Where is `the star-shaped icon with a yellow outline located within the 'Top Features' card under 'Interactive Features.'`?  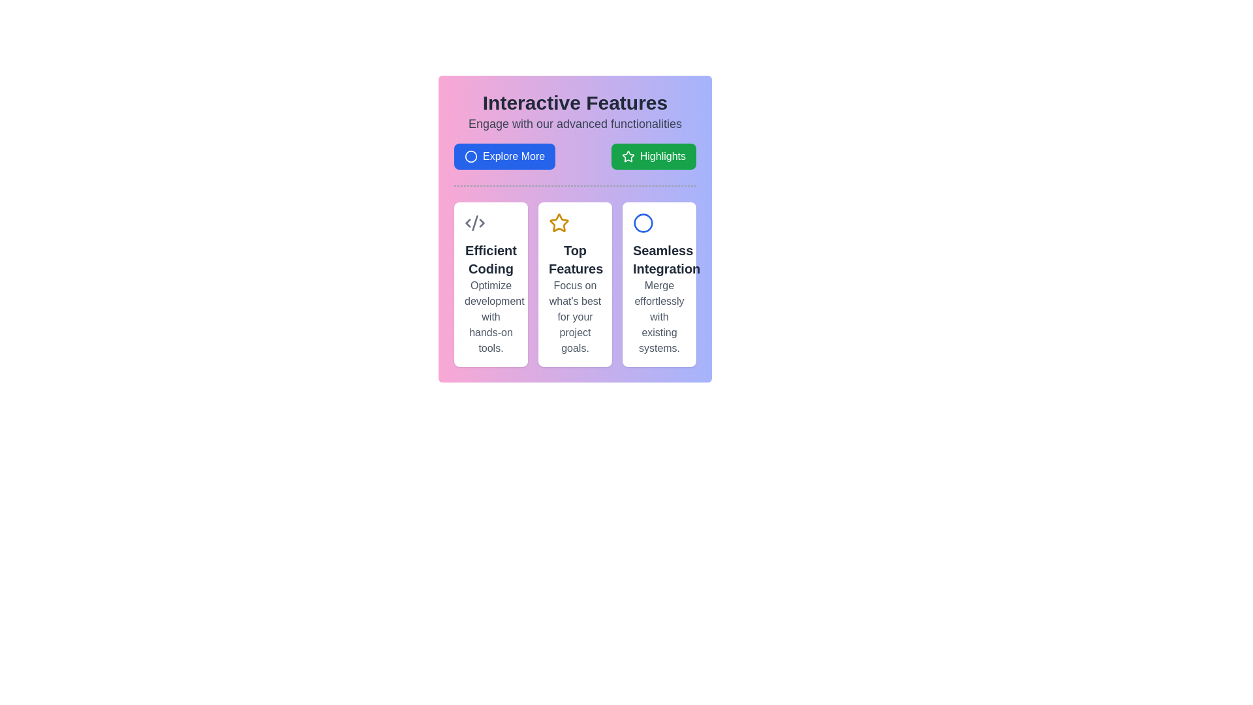 the star-shaped icon with a yellow outline located within the 'Top Features' card under 'Interactive Features.' is located at coordinates (559, 222).